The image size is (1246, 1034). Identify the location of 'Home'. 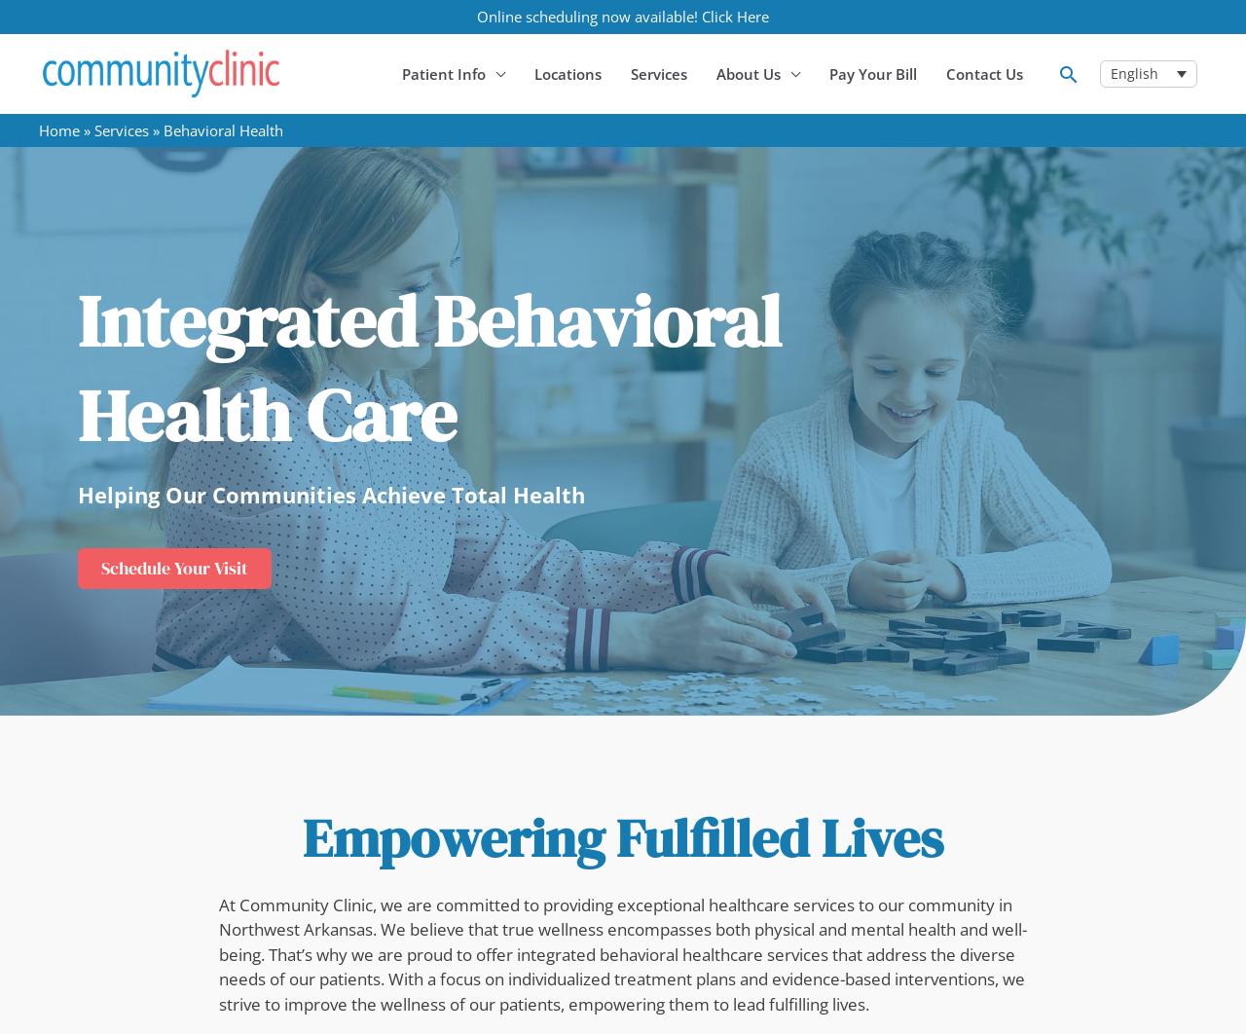
(59, 130).